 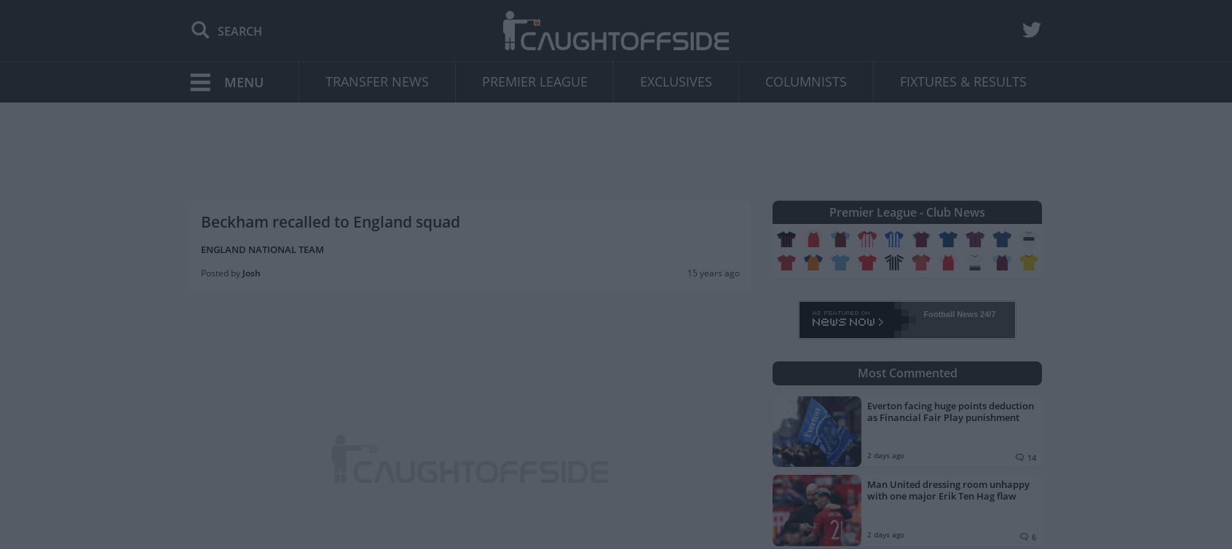 What do you see at coordinates (947, 489) in the screenshot?
I see `'Man United dressing room unhappy with one major Erik Ten Hag flaw'` at bounding box center [947, 489].